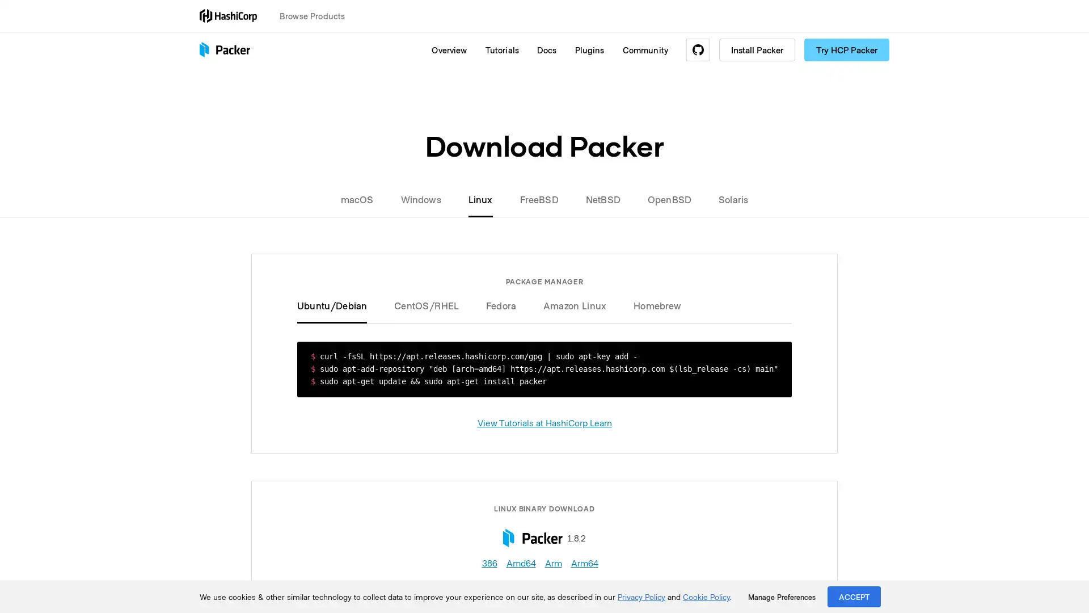  Describe the element at coordinates (480, 199) in the screenshot. I see `Linux` at that location.